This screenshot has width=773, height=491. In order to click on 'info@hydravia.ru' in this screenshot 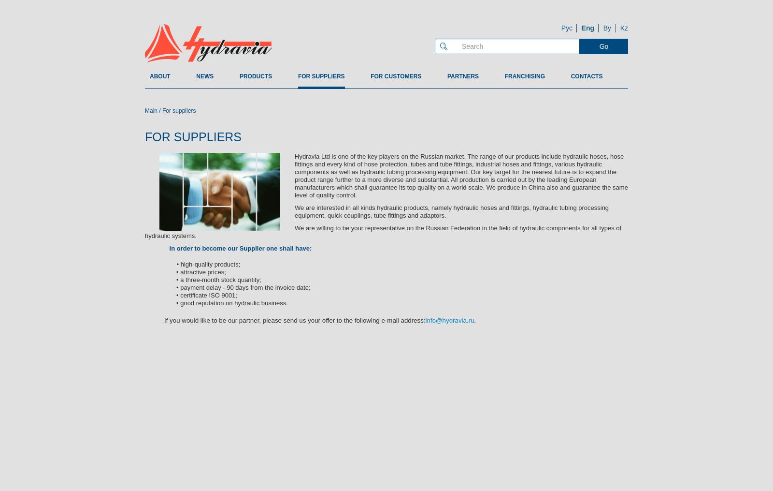, I will do `click(449, 320)`.